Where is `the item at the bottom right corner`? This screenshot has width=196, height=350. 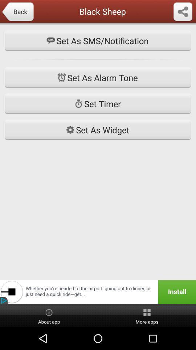 the item at the bottom right corner is located at coordinates (147, 315).